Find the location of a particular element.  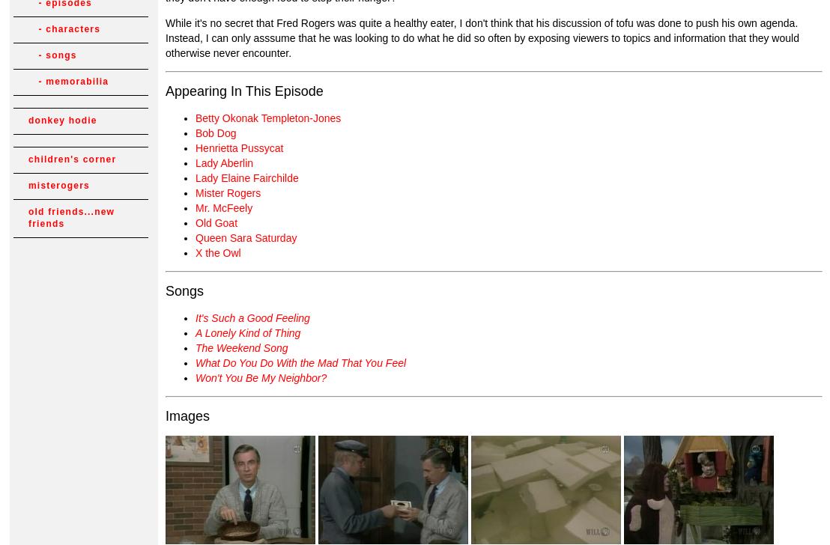

'Betty Okonak Templeton-Jones' is located at coordinates (195, 118).